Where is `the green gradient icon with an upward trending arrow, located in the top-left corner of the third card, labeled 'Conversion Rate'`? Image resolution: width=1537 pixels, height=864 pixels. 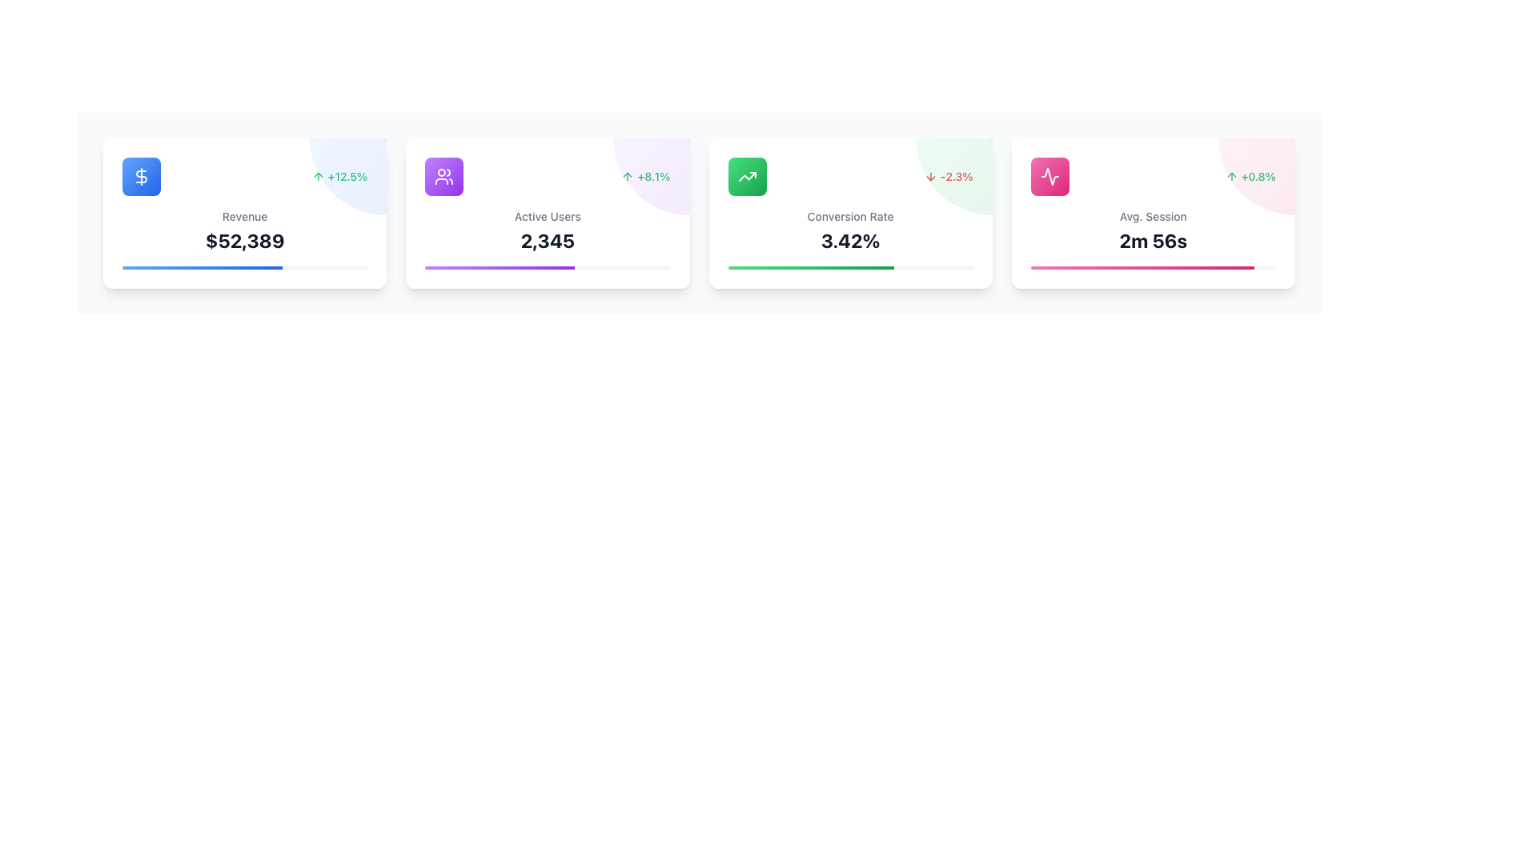
the green gradient icon with an upward trending arrow, located in the top-left corner of the third card, labeled 'Conversion Rate' is located at coordinates (746, 176).